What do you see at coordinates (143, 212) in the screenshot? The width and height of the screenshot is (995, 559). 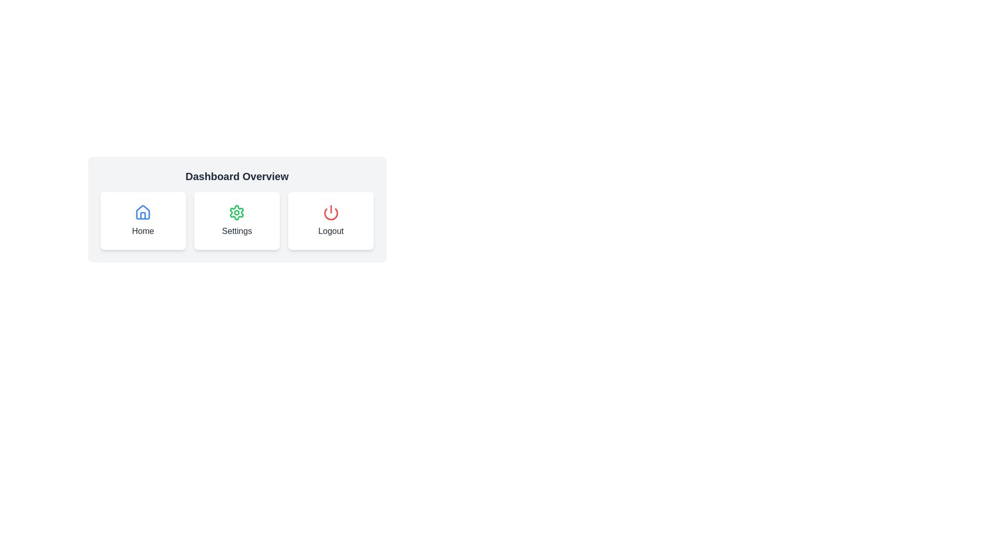 I see `the house icon with a blue stroke located within the 'Home' button, positioned below the 'Dashboard Overview' title` at bounding box center [143, 212].